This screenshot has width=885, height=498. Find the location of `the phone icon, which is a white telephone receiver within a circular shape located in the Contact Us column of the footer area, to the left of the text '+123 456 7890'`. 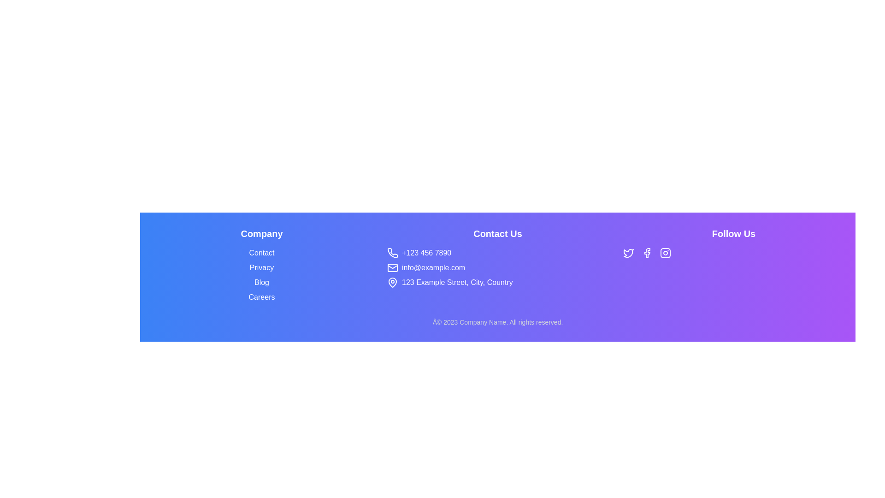

the phone icon, which is a white telephone receiver within a circular shape located in the Contact Us column of the footer area, to the left of the text '+123 456 7890' is located at coordinates (392, 253).